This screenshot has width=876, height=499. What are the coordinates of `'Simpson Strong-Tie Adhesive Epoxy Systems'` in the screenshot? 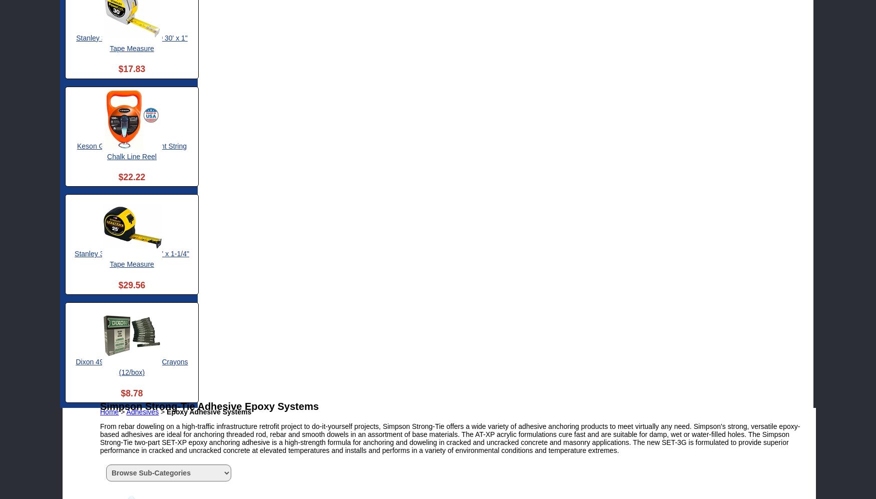 It's located at (100, 405).